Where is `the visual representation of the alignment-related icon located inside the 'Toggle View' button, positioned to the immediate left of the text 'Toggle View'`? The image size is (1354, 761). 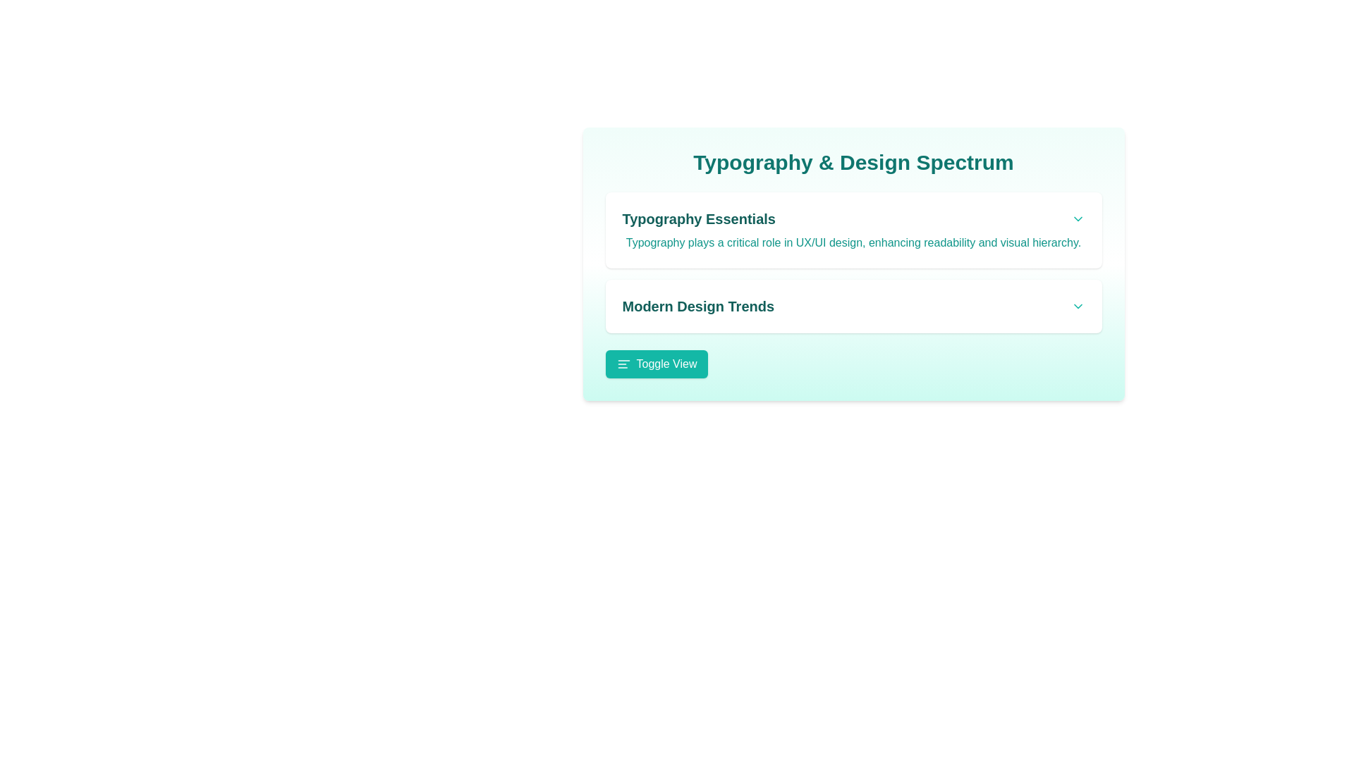
the visual representation of the alignment-related icon located inside the 'Toggle View' button, positioned to the immediate left of the text 'Toggle View' is located at coordinates (623, 363).